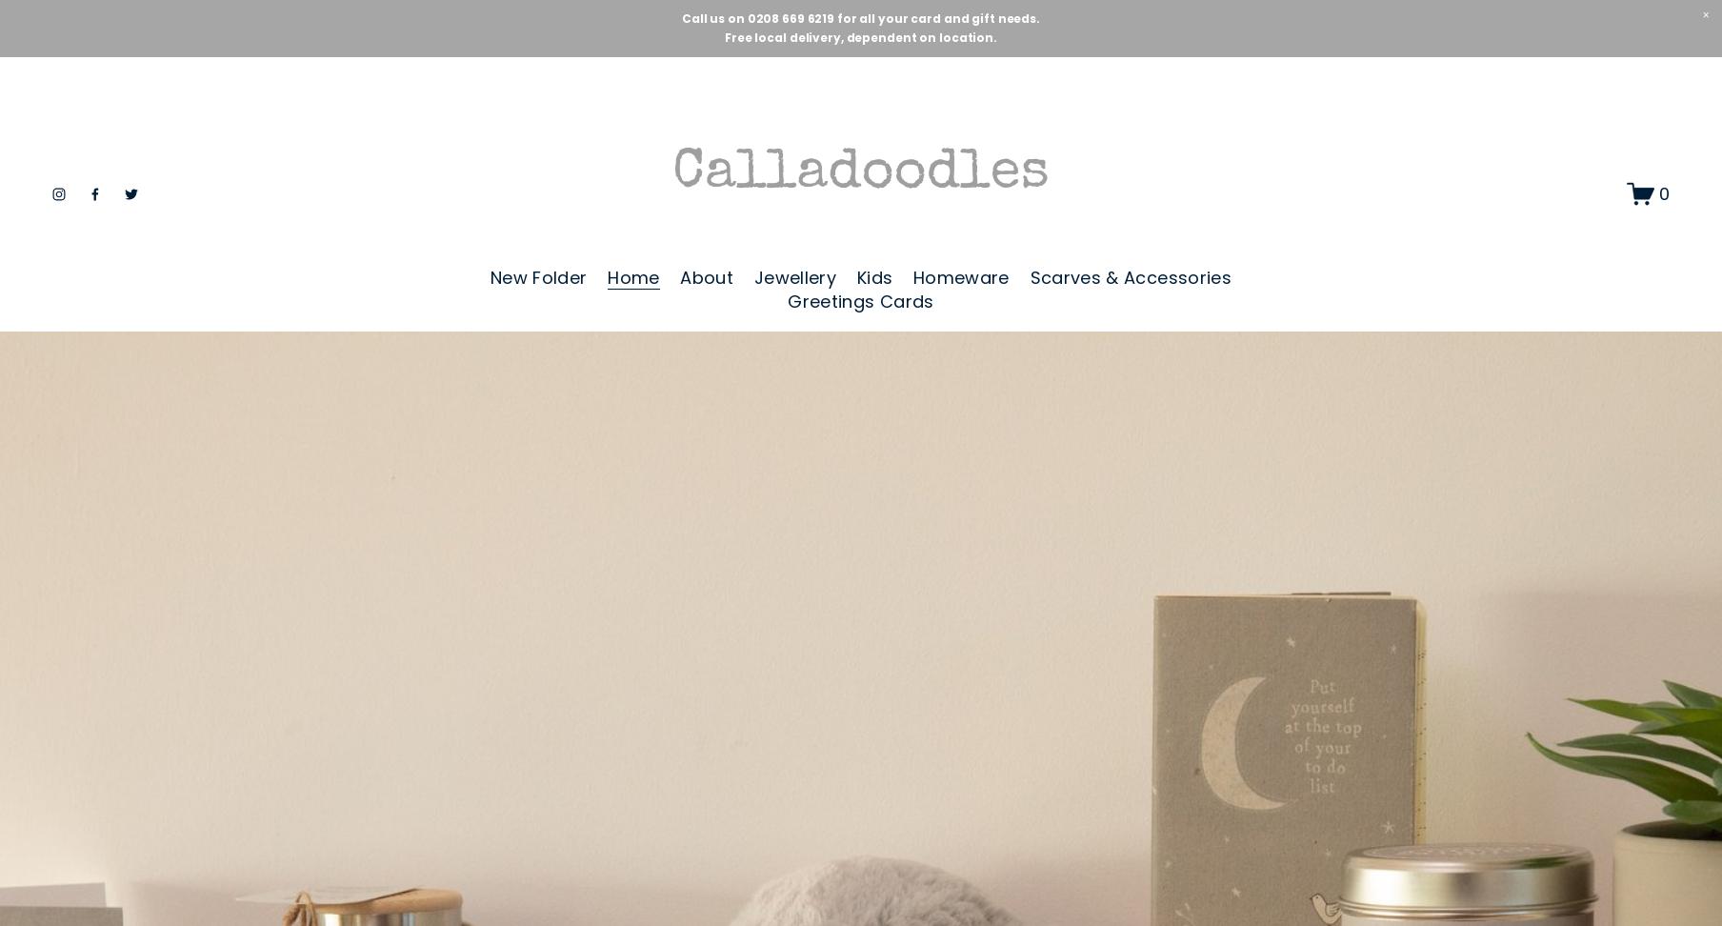 The height and width of the screenshot is (926, 1722). Describe the element at coordinates (793, 277) in the screenshot. I see `'Jewellery'` at that location.